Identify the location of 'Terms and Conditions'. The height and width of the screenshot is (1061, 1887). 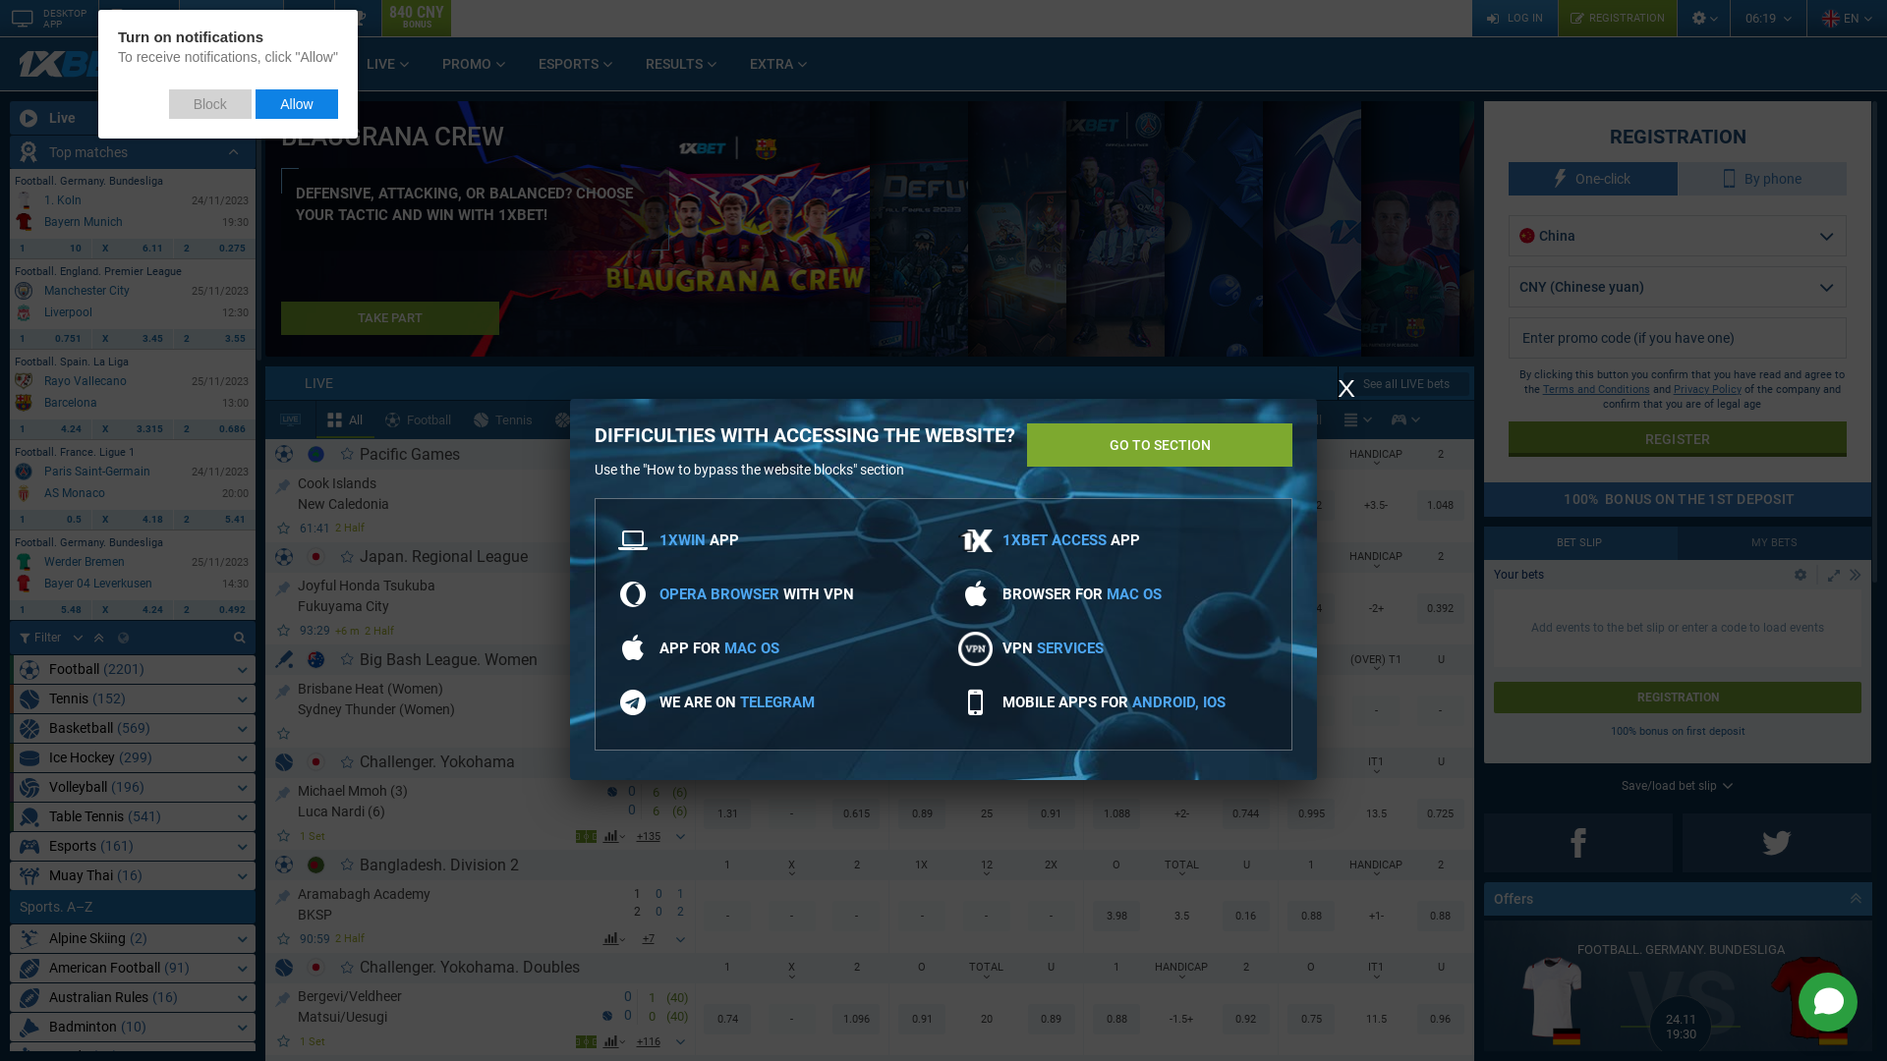
(1596, 389).